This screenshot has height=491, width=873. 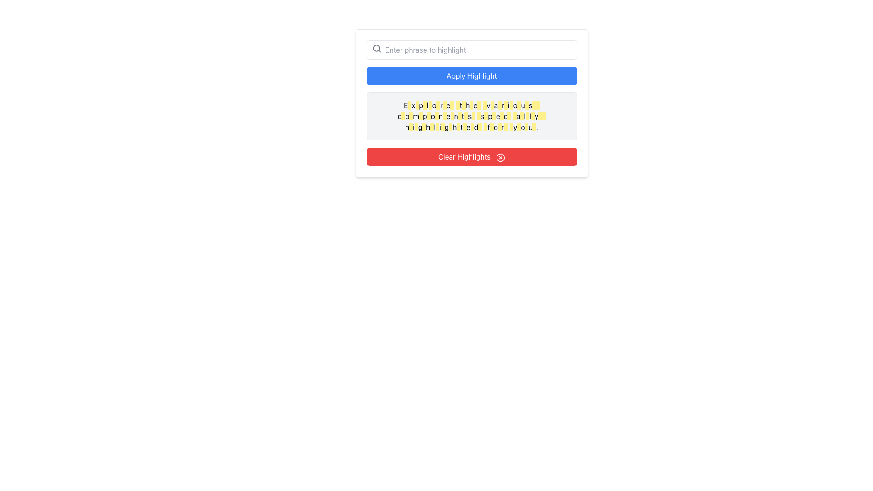 What do you see at coordinates (486, 115) in the screenshot?
I see `the 24th Highlight marker that emphasizes the word 'specially' in the yellow-highlighted text` at bounding box center [486, 115].